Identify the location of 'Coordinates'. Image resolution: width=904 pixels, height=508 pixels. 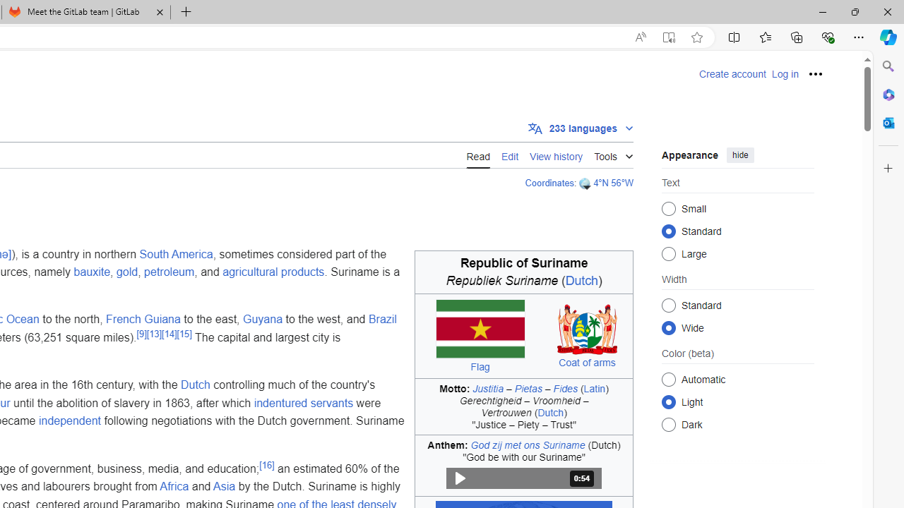
(548, 182).